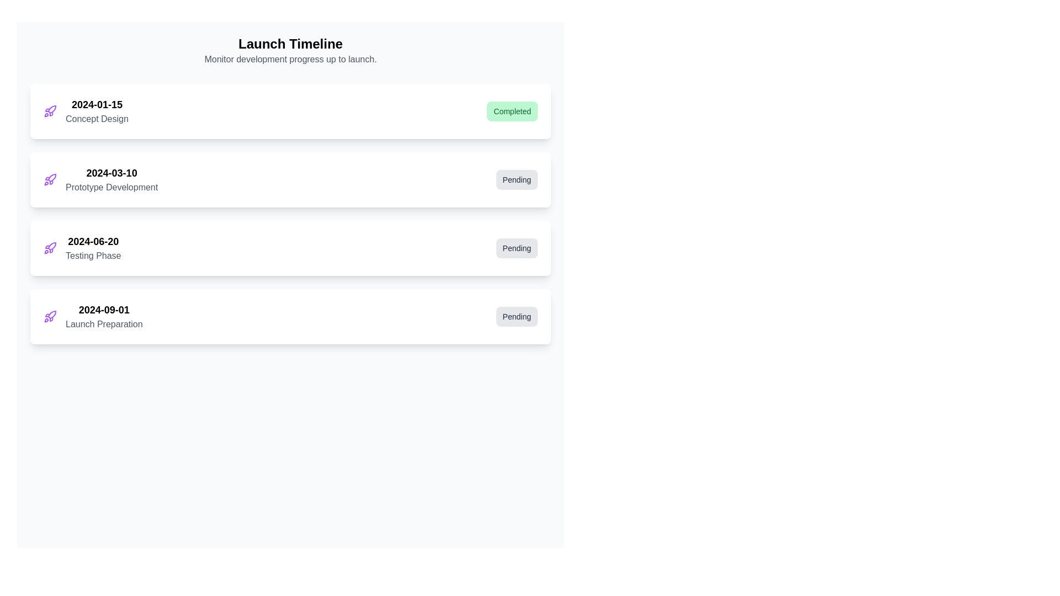 The width and height of the screenshot is (1060, 596). What do you see at coordinates (51, 177) in the screenshot?
I see `the decorative SVG shape located next to the date '2024-03-10' and the description 'Prototype Development' in the timeline` at bounding box center [51, 177].